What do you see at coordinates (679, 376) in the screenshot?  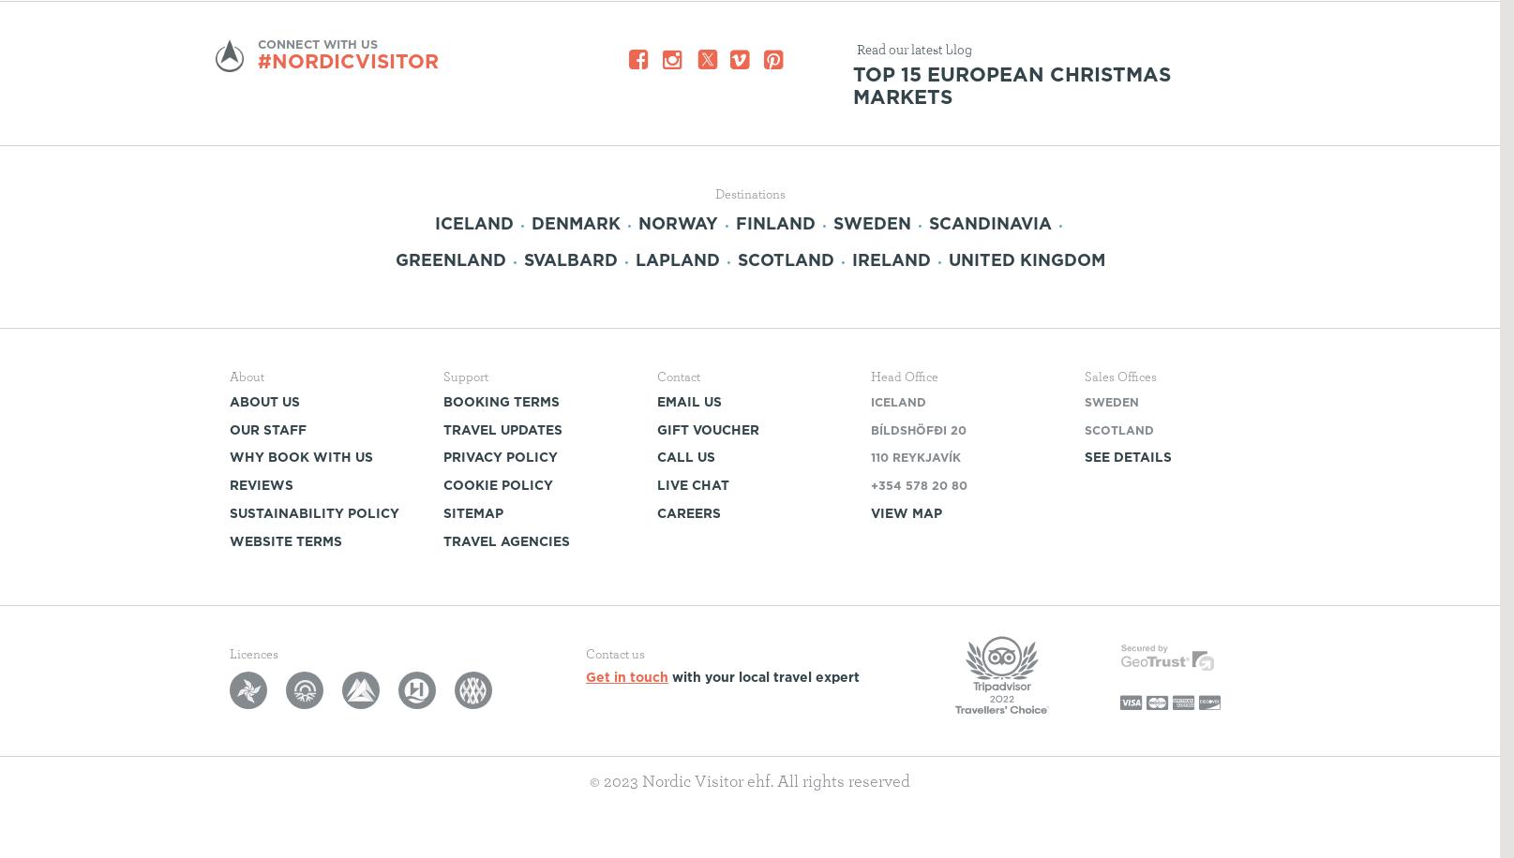 I see `'Contact'` at bounding box center [679, 376].